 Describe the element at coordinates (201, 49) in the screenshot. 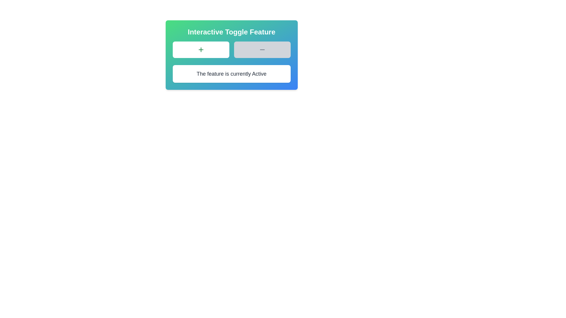

I see `the increment icon embedded in the left rounded button, which is located above the text 'The feature is currently Active.'` at that location.